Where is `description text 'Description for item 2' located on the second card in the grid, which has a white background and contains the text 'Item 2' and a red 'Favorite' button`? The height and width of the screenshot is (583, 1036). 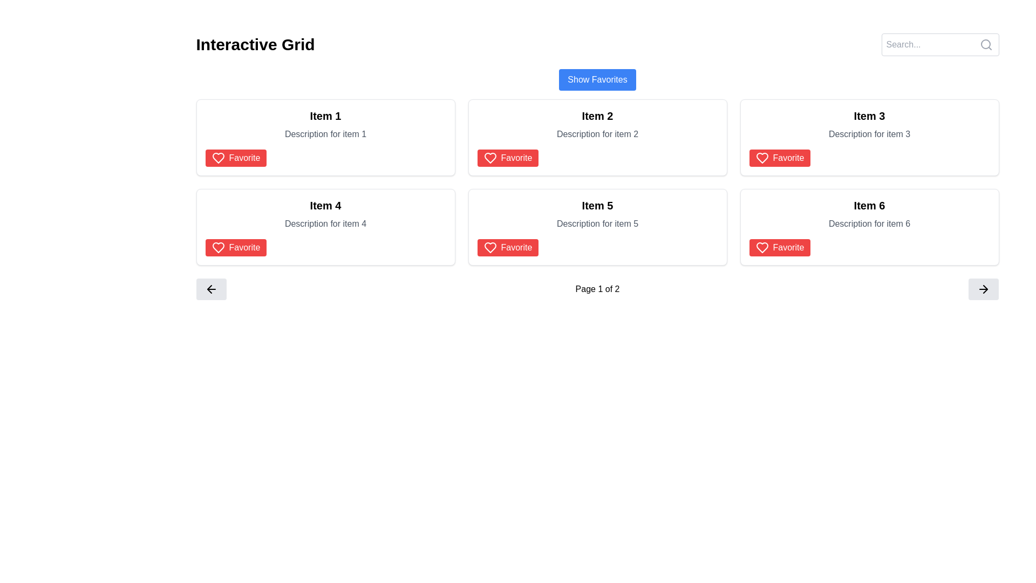 description text 'Description for item 2' located on the second card in the grid, which has a white background and contains the text 'Item 2' and a red 'Favorite' button is located at coordinates (597, 137).